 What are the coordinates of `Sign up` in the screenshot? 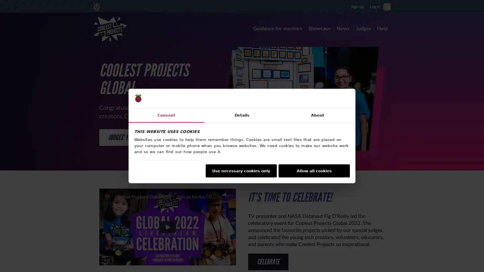 It's located at (357, 6).